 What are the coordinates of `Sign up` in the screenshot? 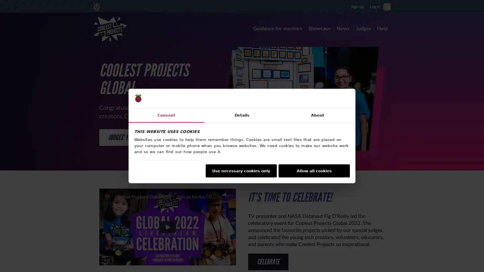 It's located at (357, 6).